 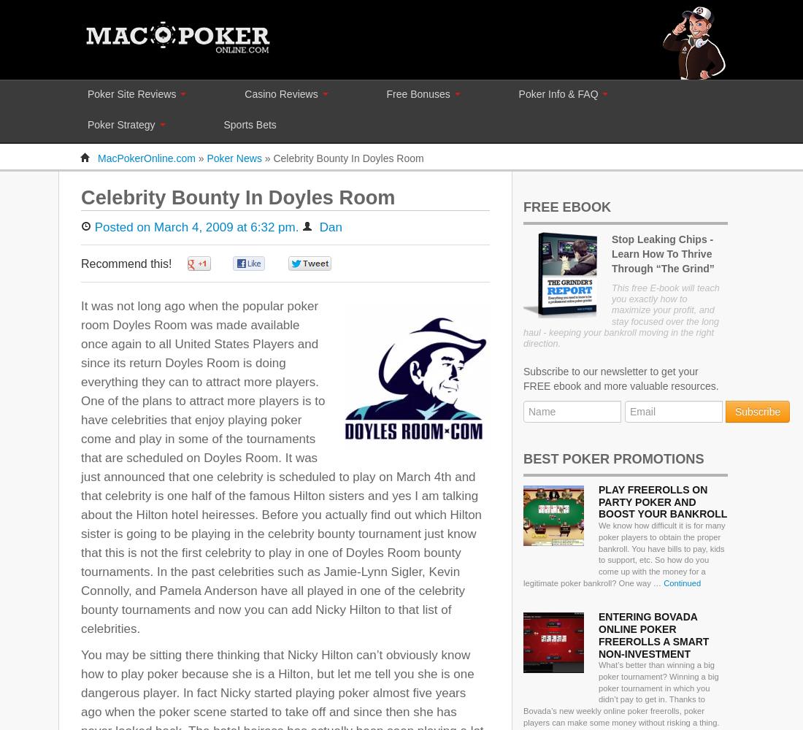 I want to click on 'It was not long ago when the popular poker room Doyles Room was made available once again to all United States Players and since its return Doyles Room is doing everything they can to attract more players. One of the plans to attract more players is to have celebrities that enjoy playing poker come and play in some of the tournaments that are scheduled on Doyles Room. It was just announced that one celebrity is scheduled to play on March 4th and that celebrity is one half of the famous Hilton sisters and yes I am talking about the Hilton hotel heiresses. Before you actually find out which Hilton sister is going to be playing in the celebrity bounty tournament just know that this is not the first celebrity to play in one of Doyles Room bounty tournaments. In the past celebrities such as Jamie-Lynn Sigler, Kevin Connolly, and Pamela Anderson have all played in one of the celebrity bounty tournaments and now you can add Nicky Hilton to that list of celebrities.', so click(x=281, y=466).